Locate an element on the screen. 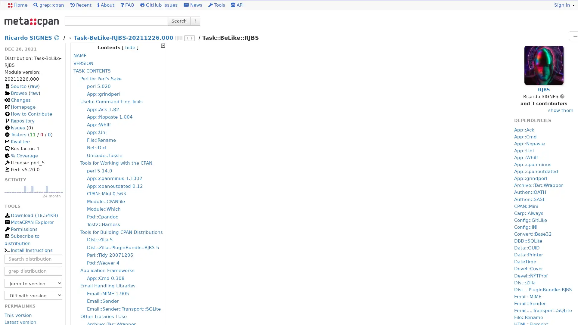 The width and height of the screenshot is (578, 325). Install Instructions is located at coordinates (28, 250).